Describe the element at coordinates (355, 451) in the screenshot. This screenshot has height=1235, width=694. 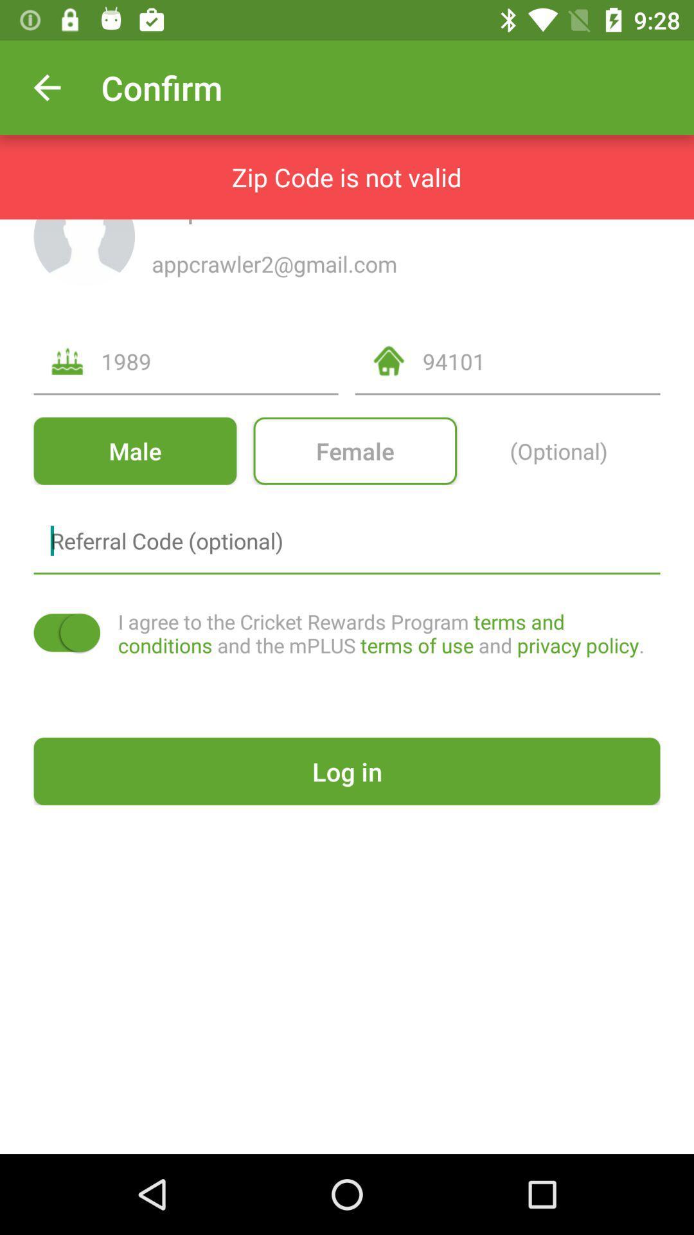
I see `icon next to (optional) item` at that location.